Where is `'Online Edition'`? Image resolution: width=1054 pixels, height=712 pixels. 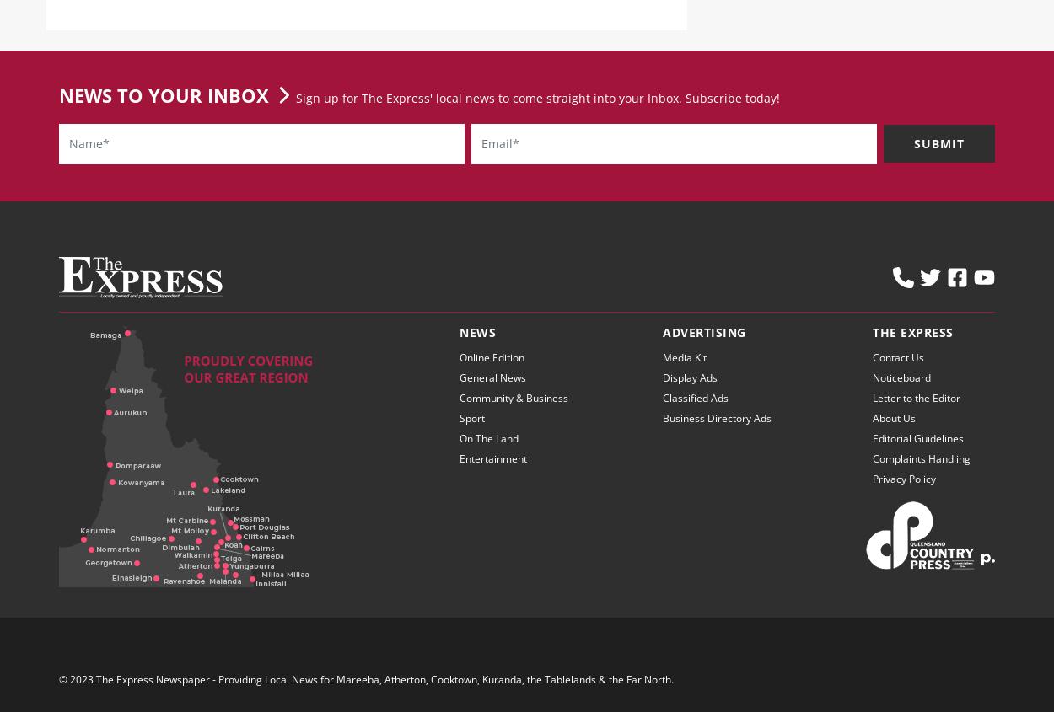
'Online Edition' is located at coordinates (491, 371).